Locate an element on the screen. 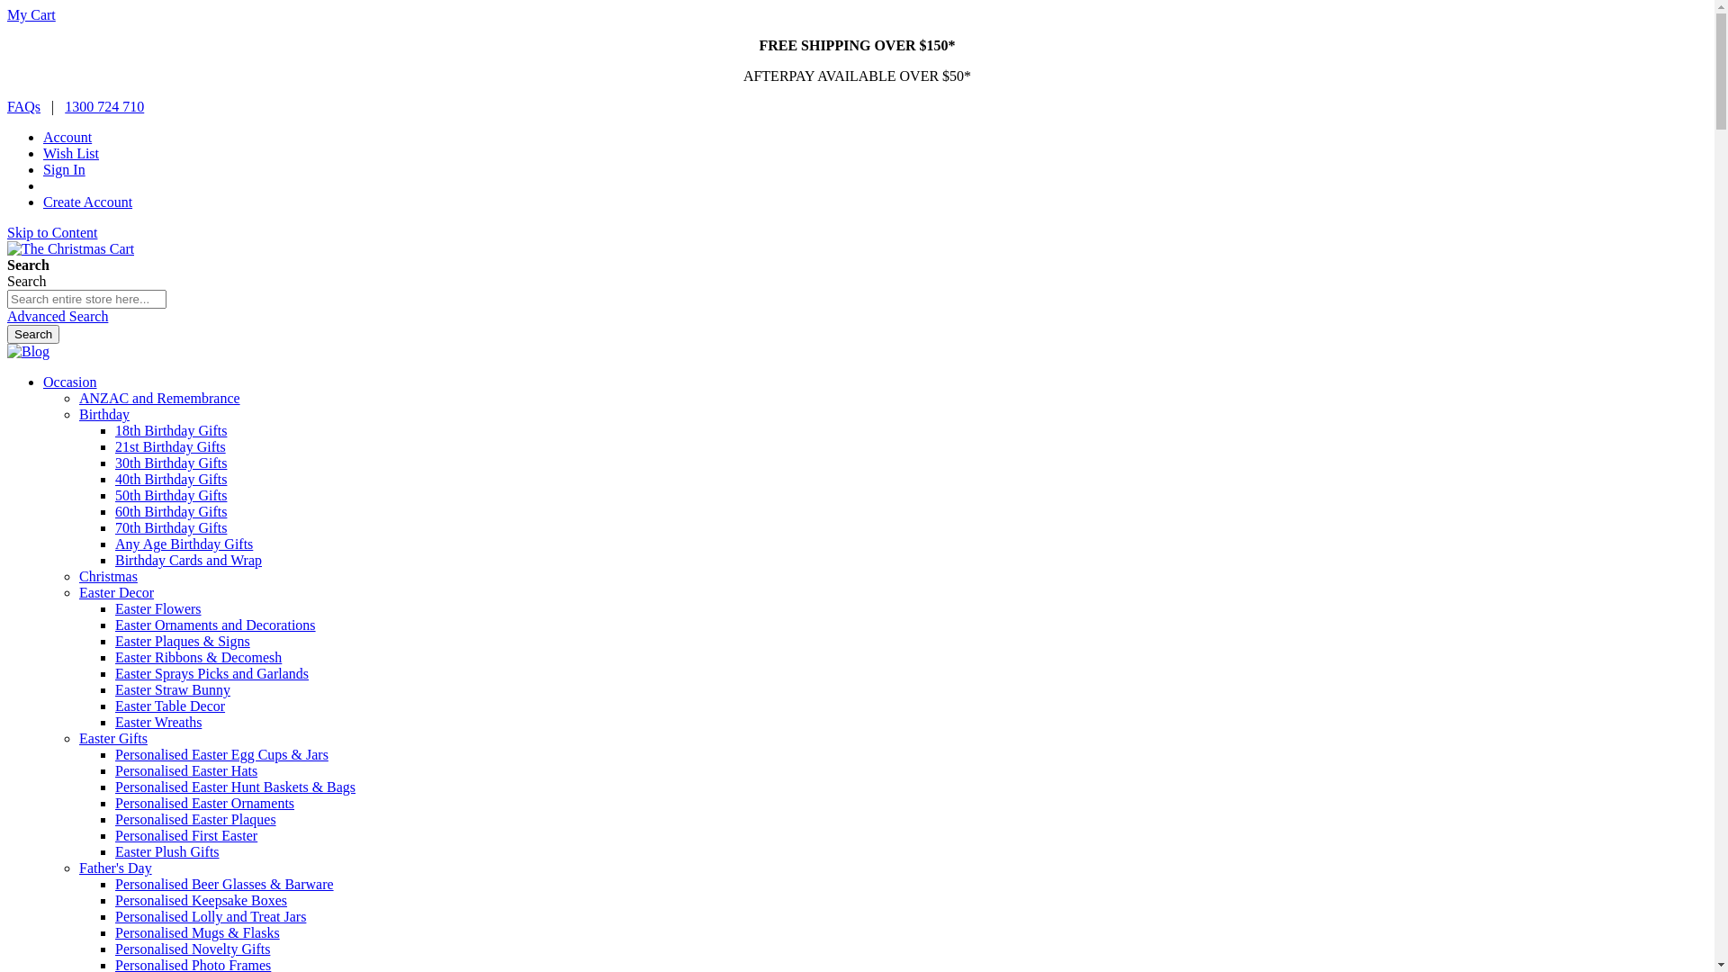 Image resolution: width=1728 pixels, height=972 pixels. 'Personalised Keepsake Boxes' is located at coordinates (201, 900).